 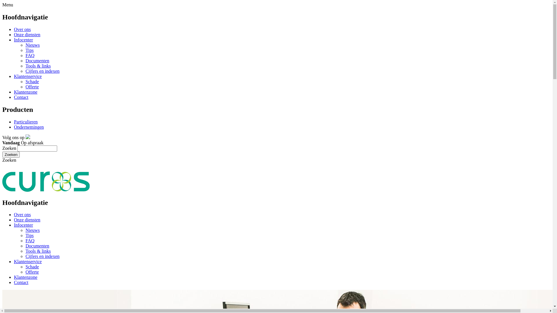 What do you see at coordinates (37, 246) in the screenshot?
I see `'Documenten'` at bounding box center [37, 246].